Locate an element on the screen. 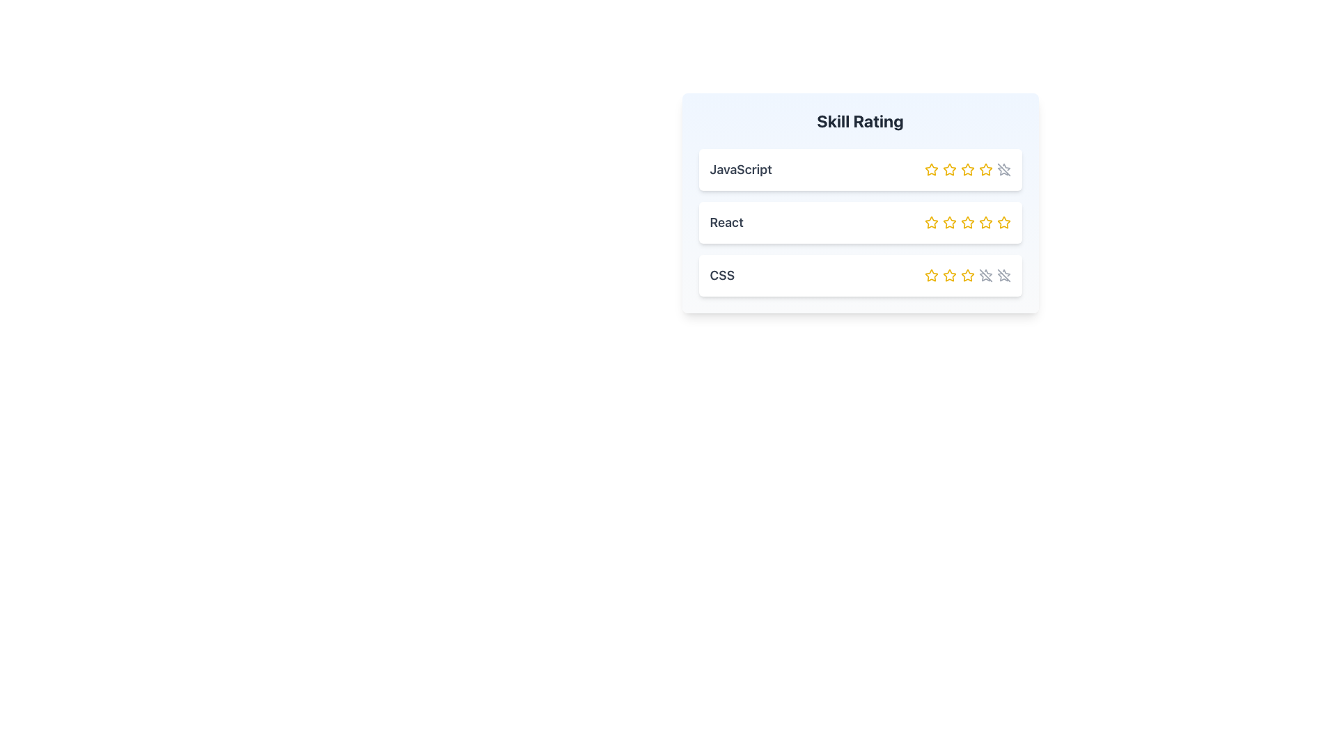 The image size is (1337, 752). the gray outlined star icon with a slash across it, which is the last in the horizontal sequence of rating icons for the CSS skill entry is located at coordinates (985, 276).